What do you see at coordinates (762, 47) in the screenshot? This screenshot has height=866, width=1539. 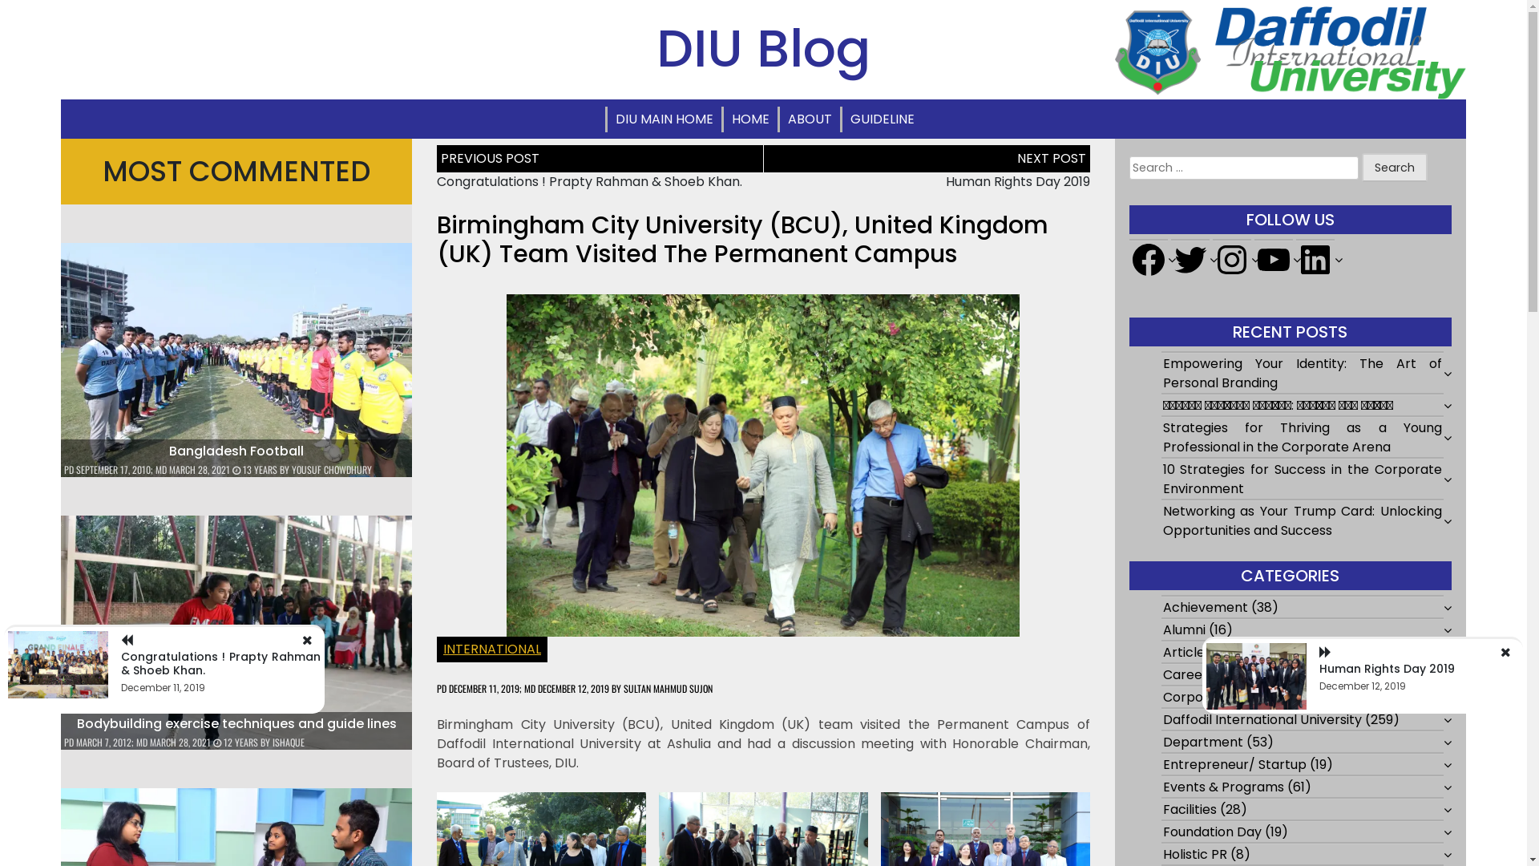 I see `'DIU Blog'` at bounding box center [762, 47].